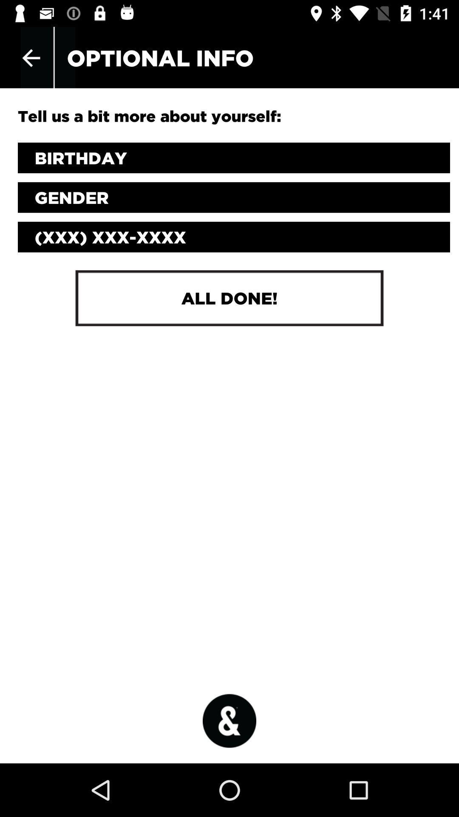  I want to click on gender option, so click(234, 197).